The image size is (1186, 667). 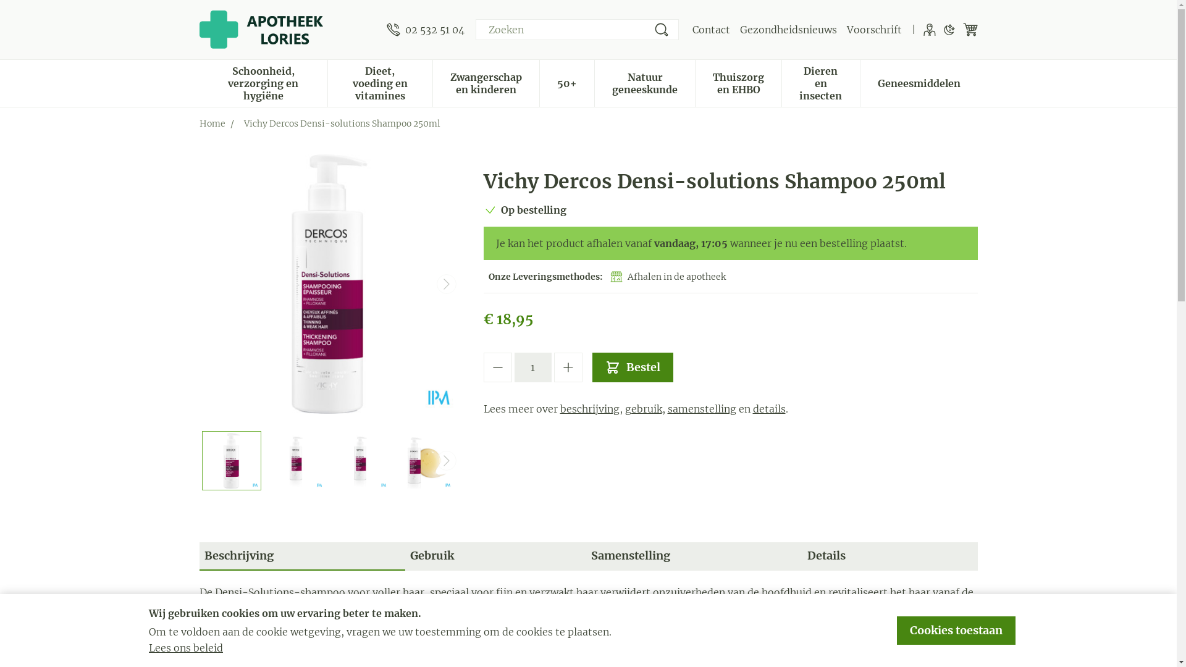 I want to click on '50+', so click(x=566, y=82).